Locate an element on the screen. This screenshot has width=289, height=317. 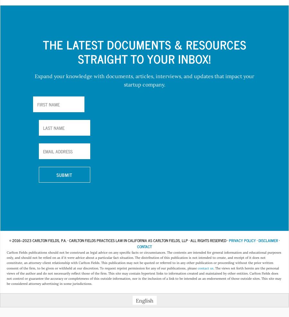
'The Latest Documents & Resources Straight to your Inbox!' is located at coordinates (144, 51).